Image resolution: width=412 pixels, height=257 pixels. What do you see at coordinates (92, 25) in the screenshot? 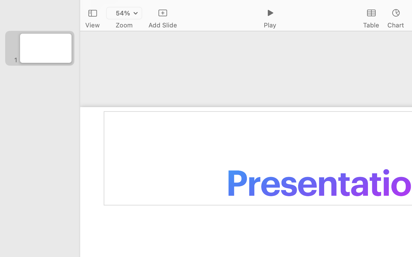
I see `'View'` at bounding box center [92, 25].